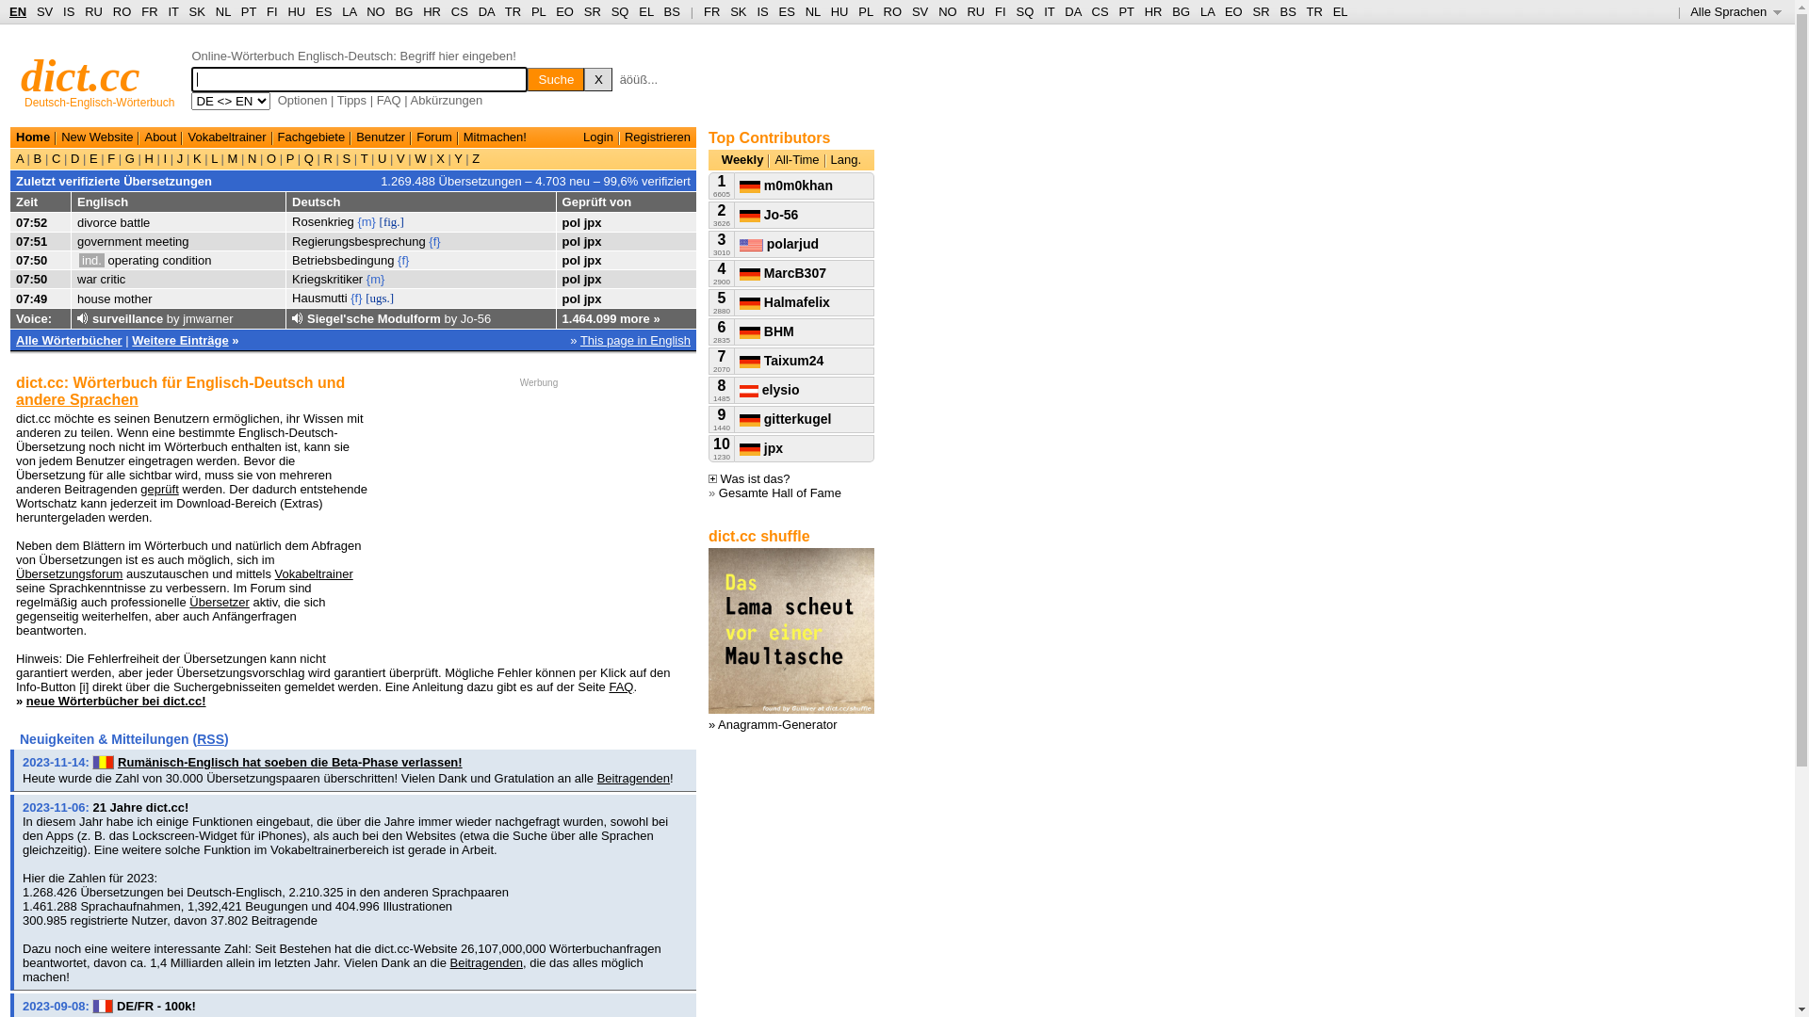 This screenshot has height=1017, width=1809. I want to click on 'DA', so click(1072, 11).